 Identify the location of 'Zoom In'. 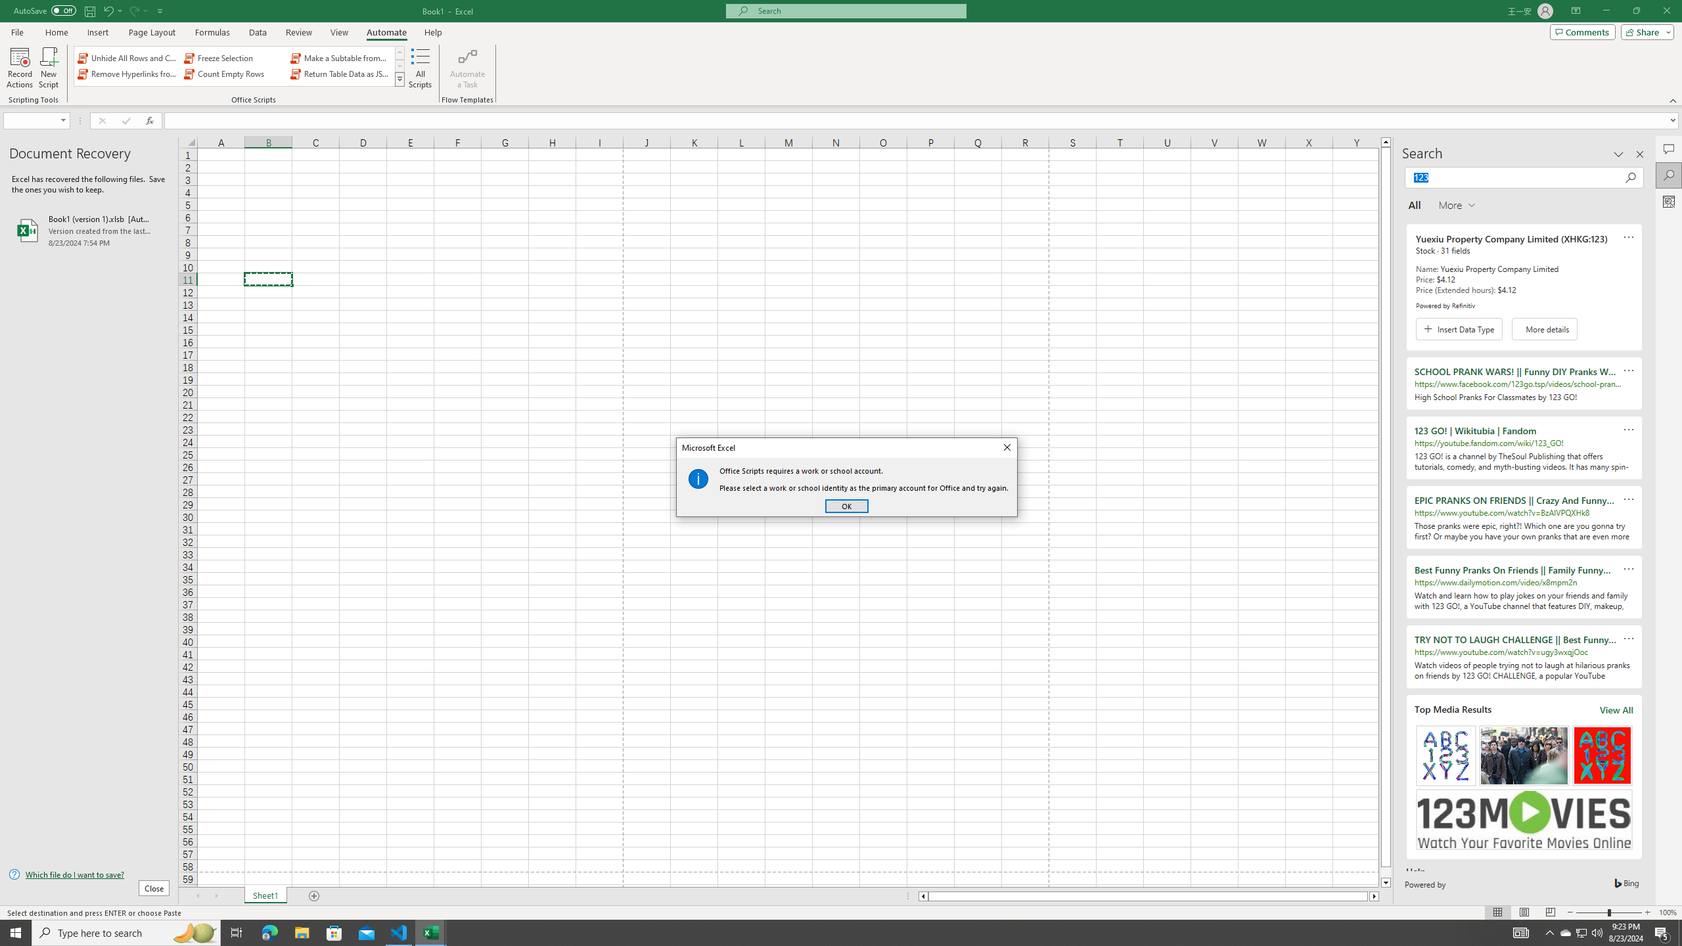
(1647, 912).